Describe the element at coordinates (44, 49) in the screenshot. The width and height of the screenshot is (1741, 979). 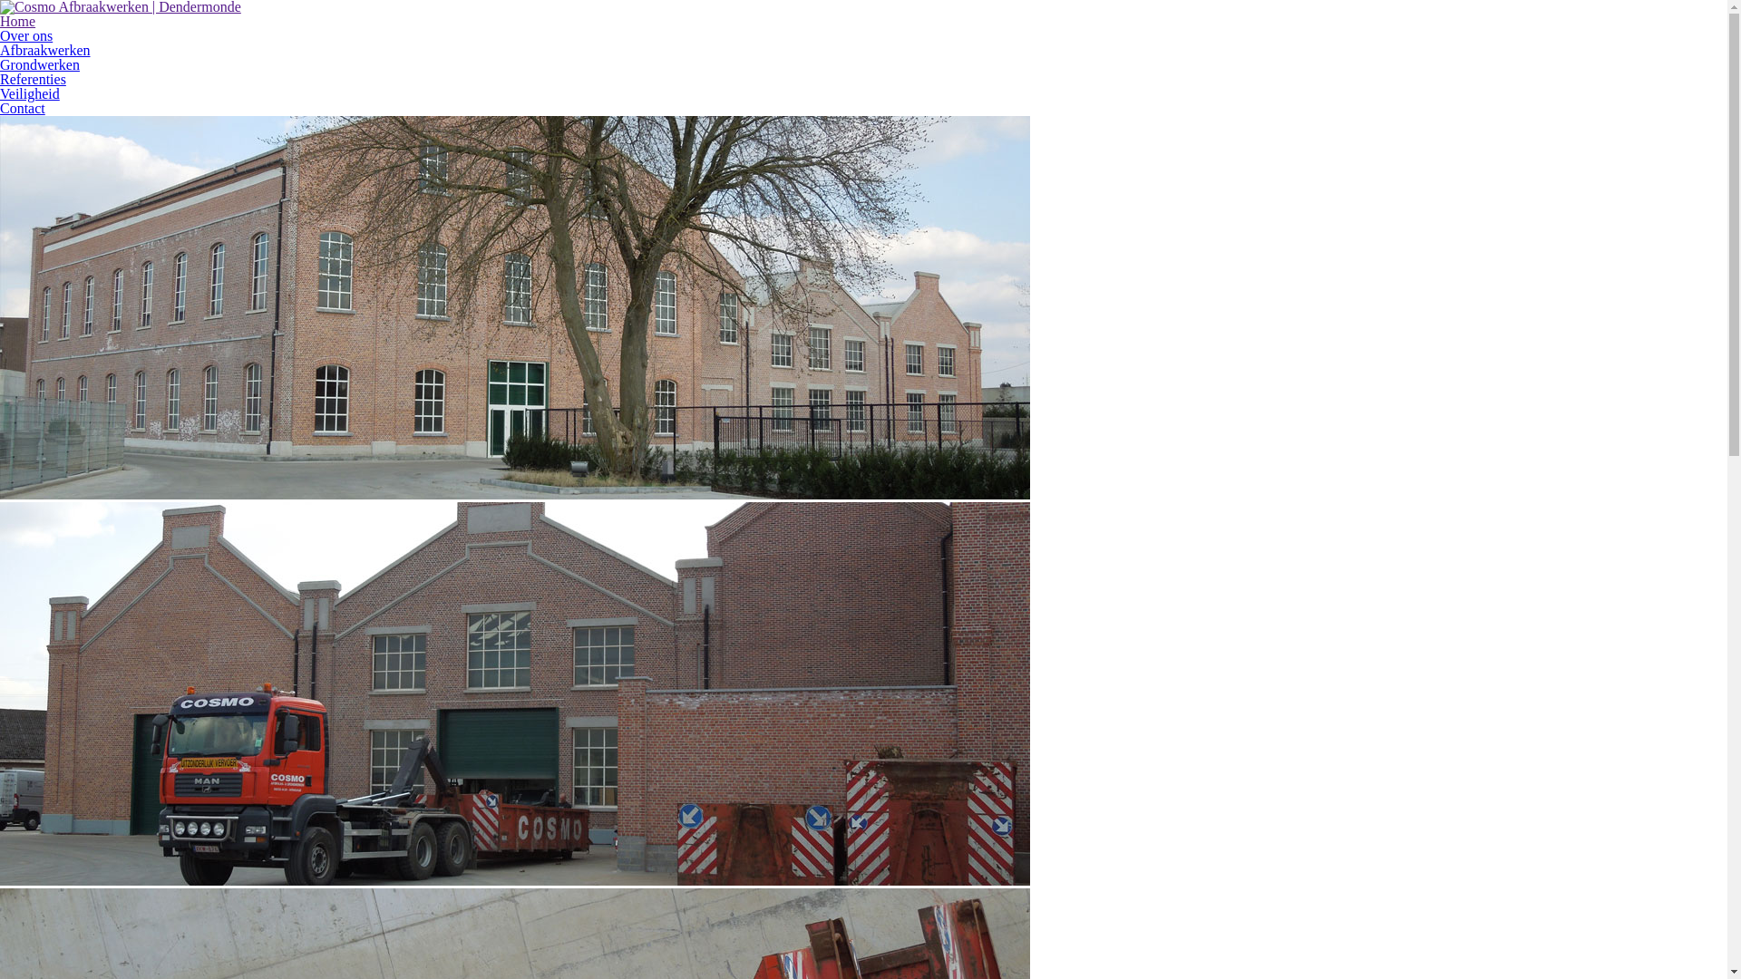
I see `'Afbraakwerken'` at that location.